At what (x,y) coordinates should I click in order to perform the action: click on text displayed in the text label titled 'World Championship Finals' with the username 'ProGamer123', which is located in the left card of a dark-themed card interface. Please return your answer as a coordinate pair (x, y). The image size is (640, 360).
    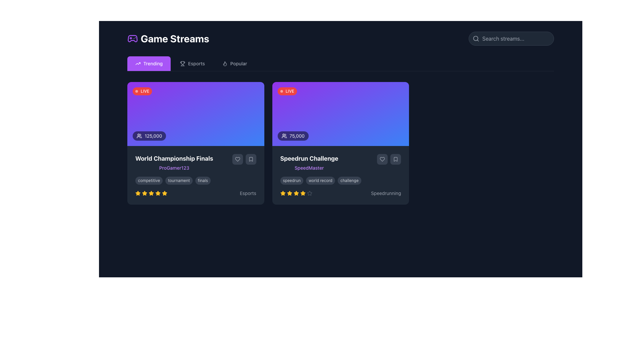
    Looking at the image, I should click on (195, 163).